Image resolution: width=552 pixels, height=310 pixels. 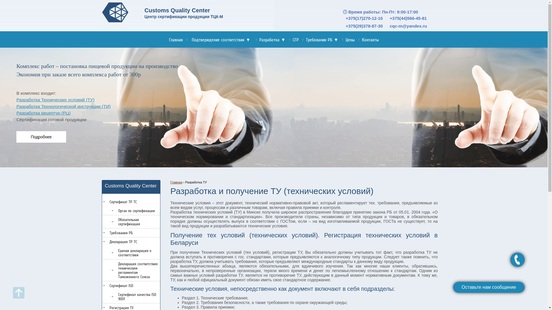 I want to click on 'cqc-m@yandex.ru', so click(x=408, y=26).